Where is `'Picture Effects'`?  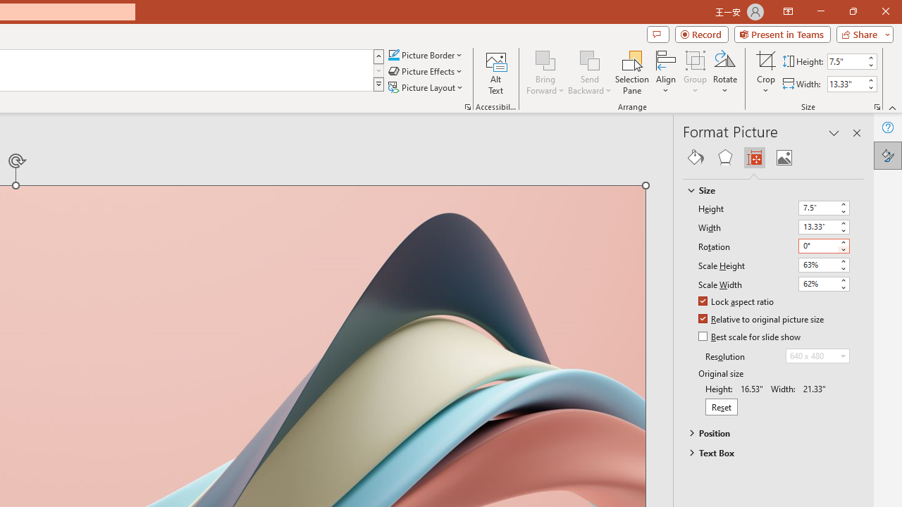 'Picture Effects' is located at coordinates (426, 71).